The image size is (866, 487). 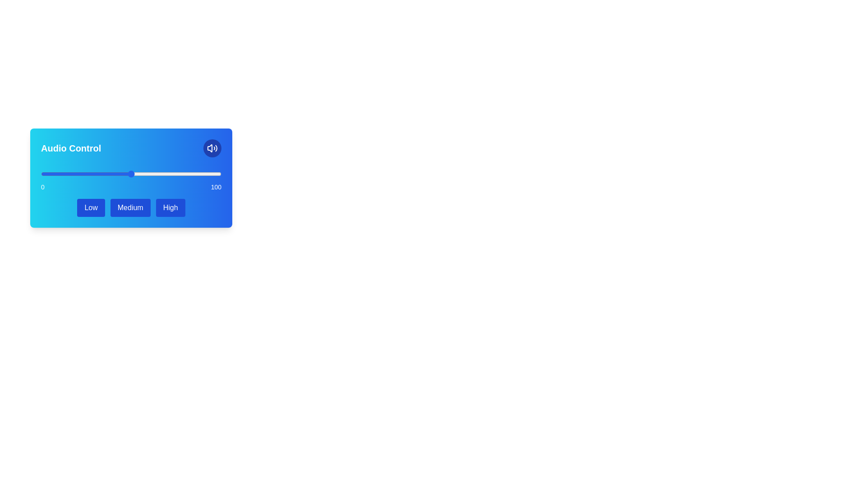 I want to click on the audio volume, so click(x=69, y=174).